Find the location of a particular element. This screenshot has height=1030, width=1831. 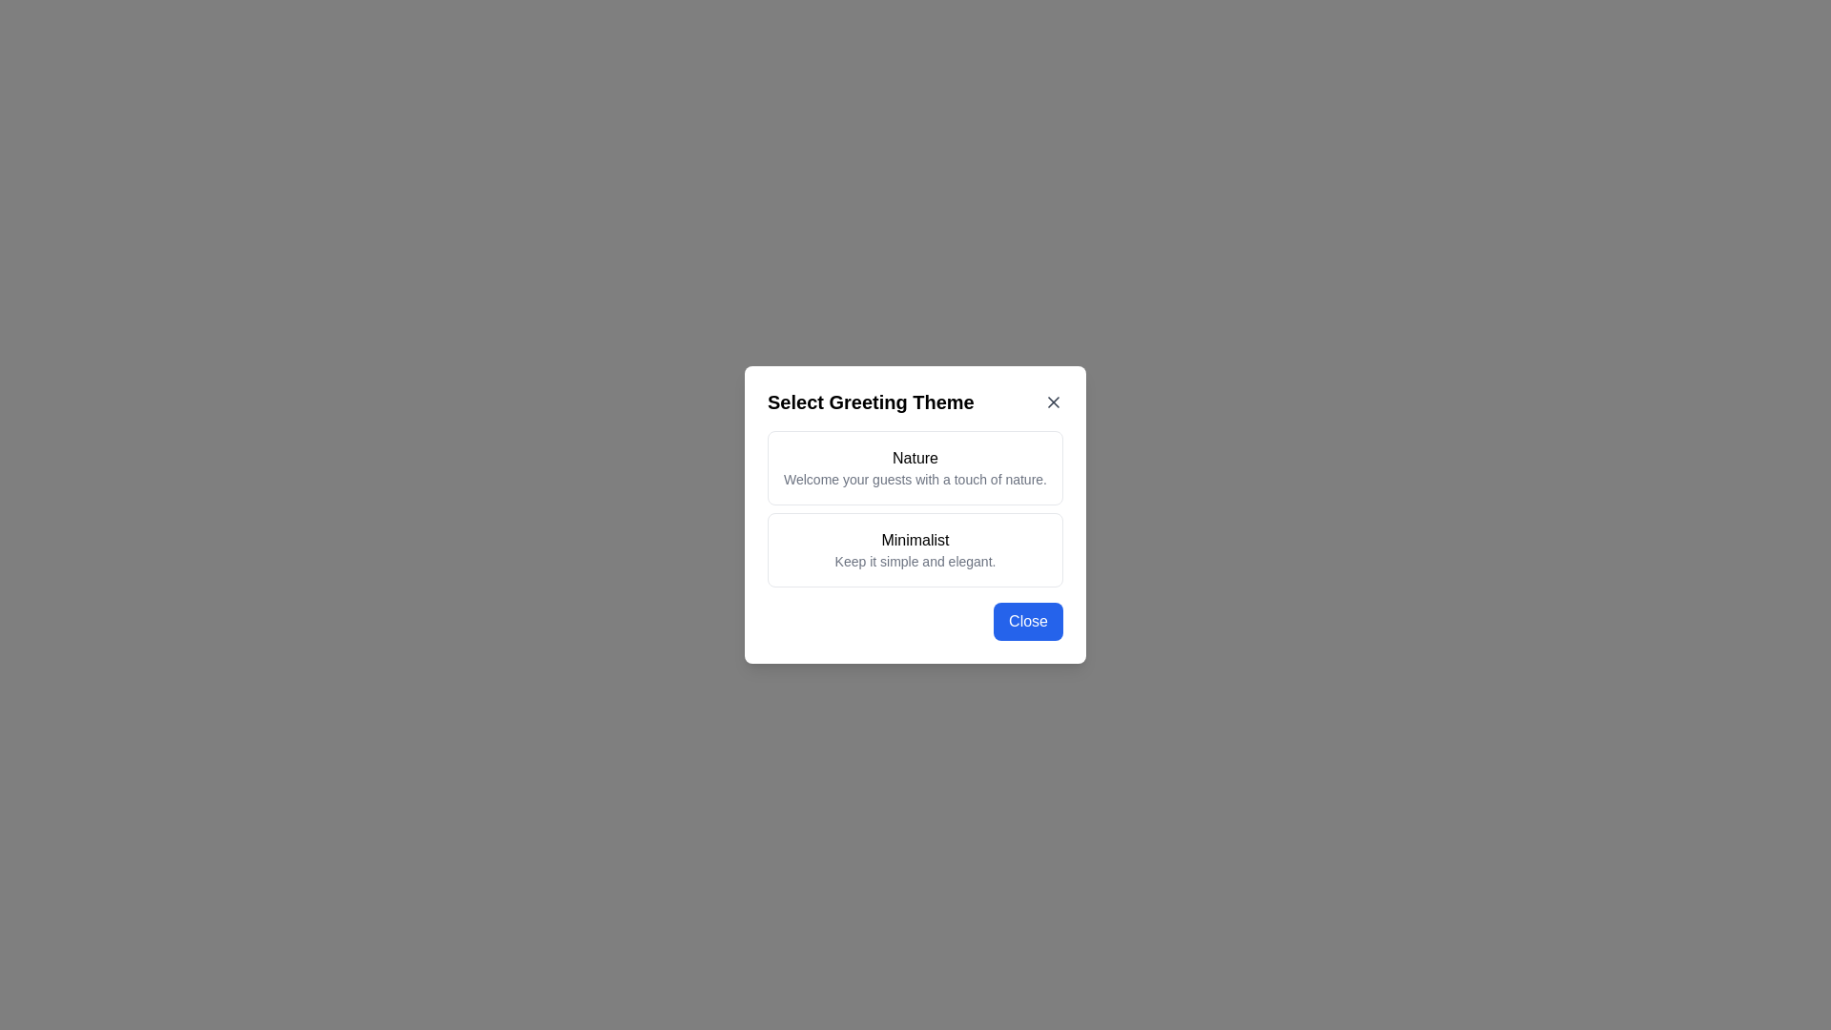

the static text label displaying 'Welcome your guests with a touch of nature.' located within the 'Nature' panel in the modal window titled 'Select Greeting Theme.' is located at coordinates (915, 478).